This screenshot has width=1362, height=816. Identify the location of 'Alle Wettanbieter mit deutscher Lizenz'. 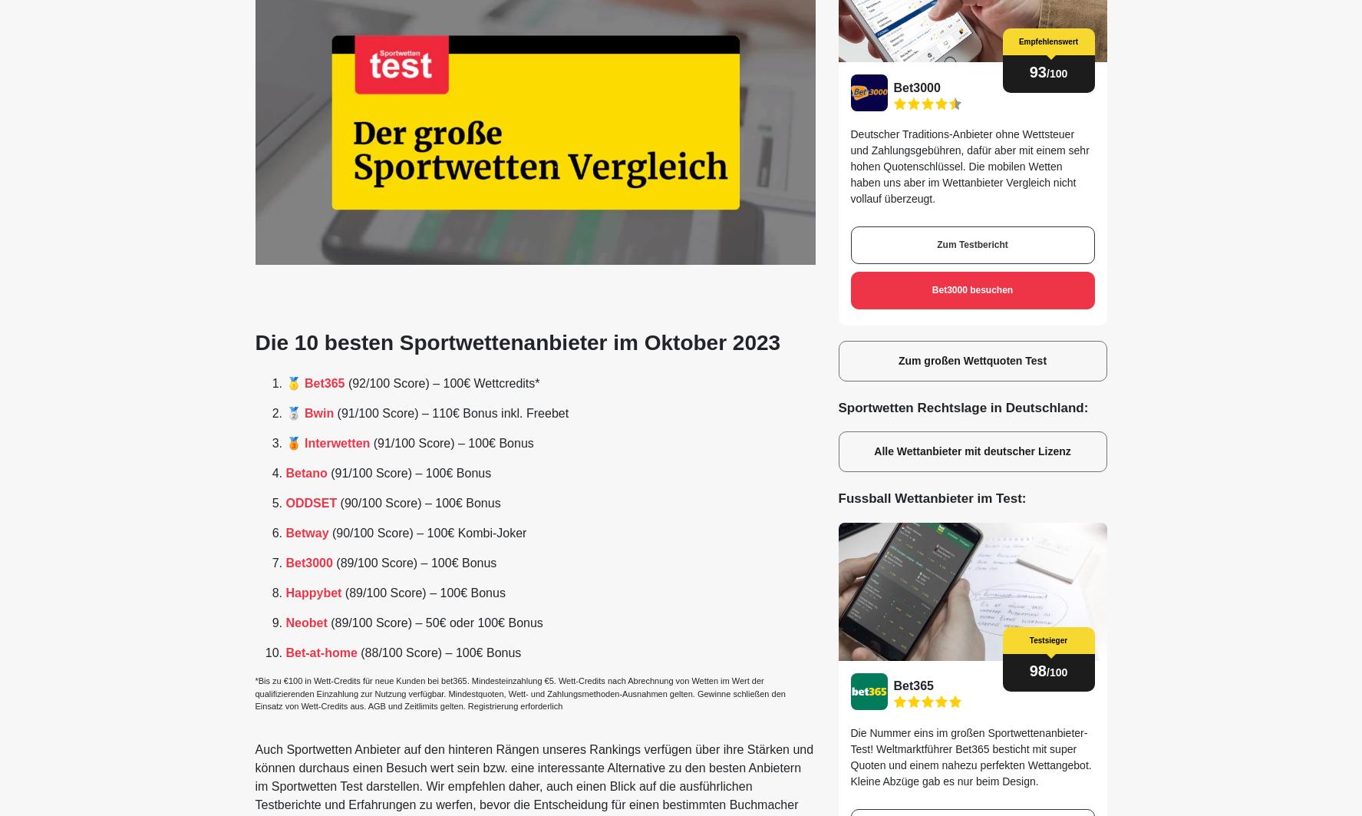
(971, 451).